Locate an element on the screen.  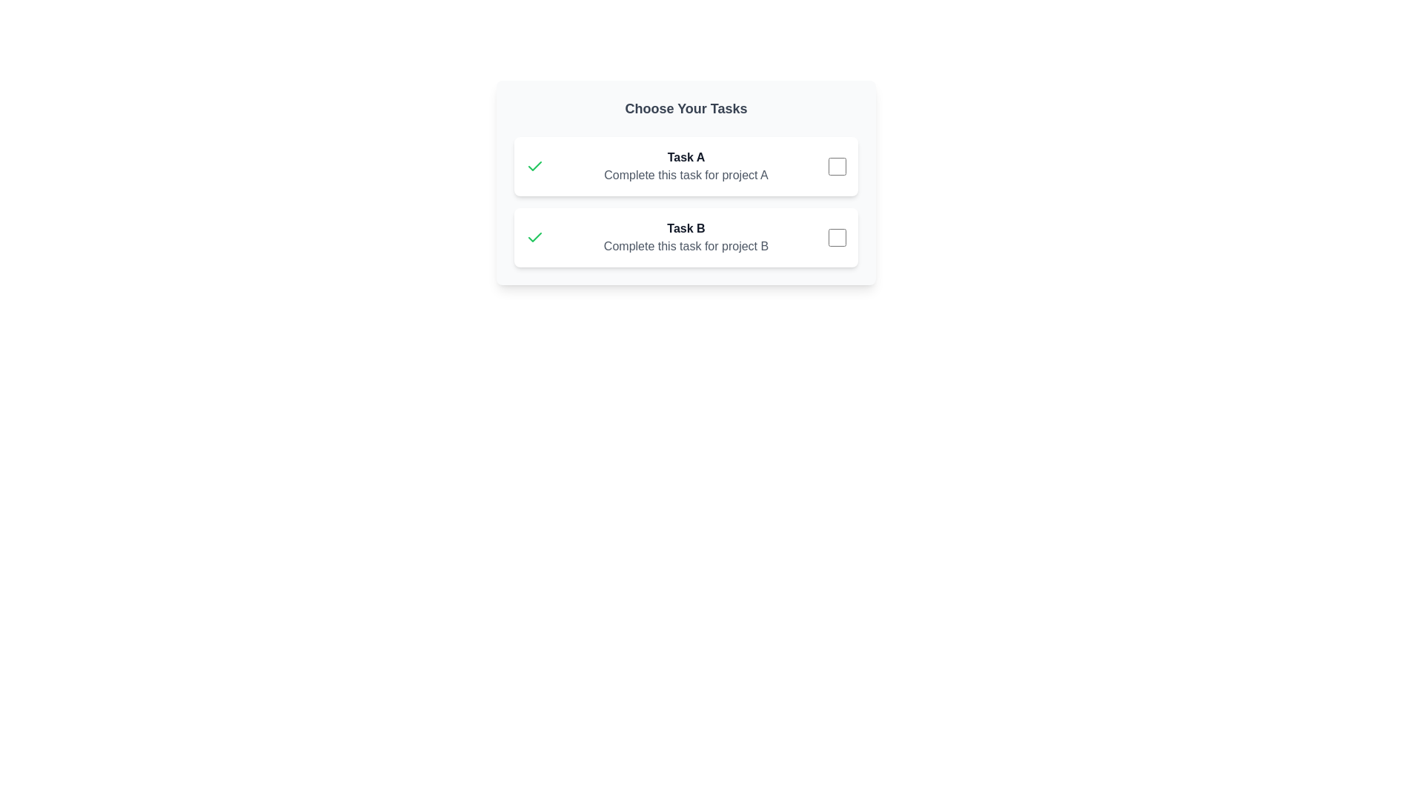
the green checkmark icon indicating the completion of 'Task B', which is located on the left side of the task group adjacent to the task description and checkbox is located at coordinates (534, 236).